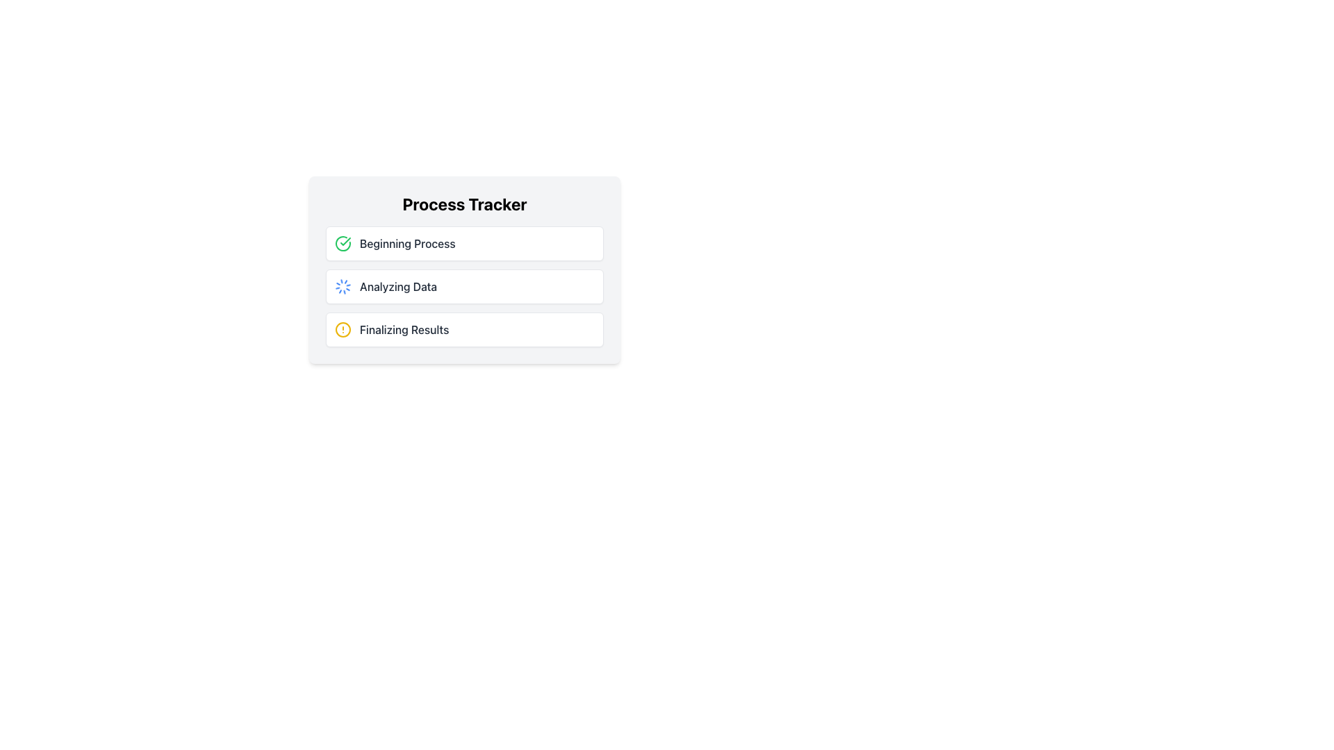  Describe the element at coordinates (464, 285) in the screenshot. I see `the Status Indicator labeled 'Analyzing Data', which is the second item in the process tracker list, positioned between 'Beginning Process' and 'Finalizing Results'` at that location.